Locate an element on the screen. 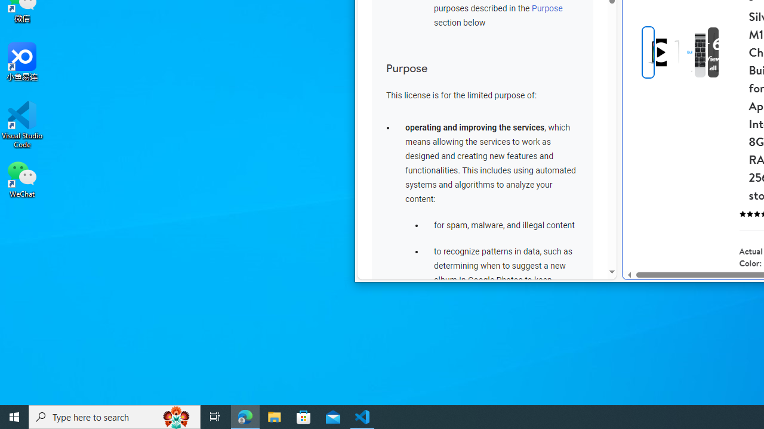 The height and width of the screenshot is (429, 764). 'Visual Studio Code' is located at coordinates (22, 125).